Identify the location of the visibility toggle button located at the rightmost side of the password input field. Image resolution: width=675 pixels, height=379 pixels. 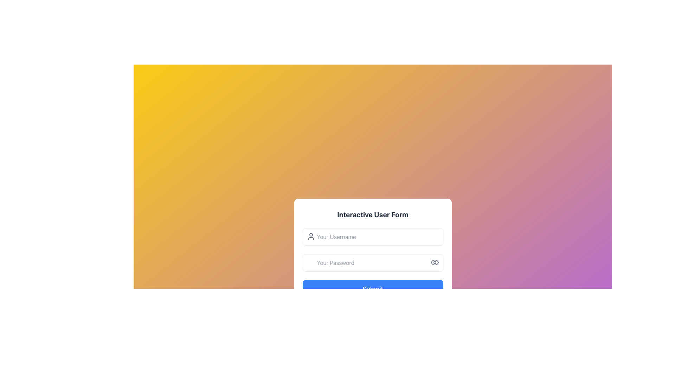
(434, 262).